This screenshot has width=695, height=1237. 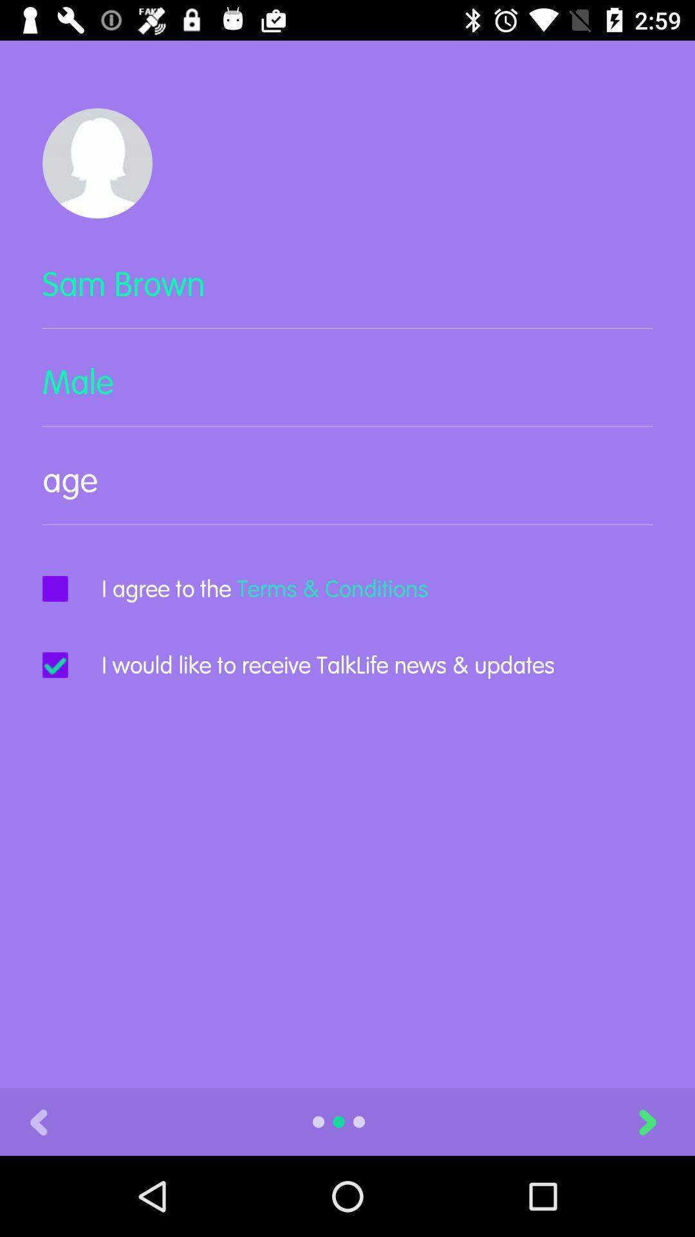 What do you see at coordinates (38, 1121) in the screenshot?
I see `item at the bottom left corner` at bounding box center [38, 1121].